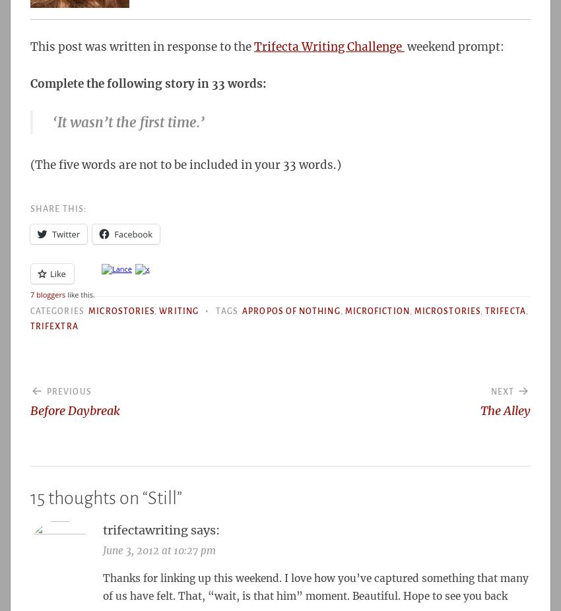  Describe the element at coordinates (377, 310) in the screenshot. I see `'microfiction'` at that location.